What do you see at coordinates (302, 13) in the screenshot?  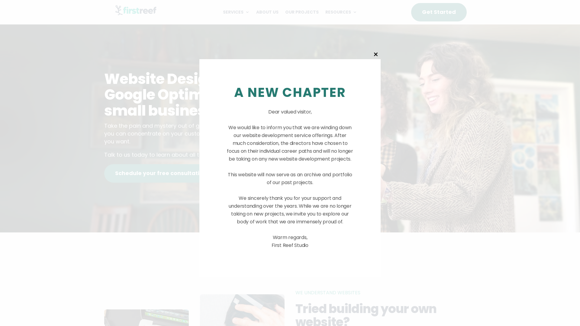 I see `'OUR PROJECTS'` at bounding box center [302, 13].